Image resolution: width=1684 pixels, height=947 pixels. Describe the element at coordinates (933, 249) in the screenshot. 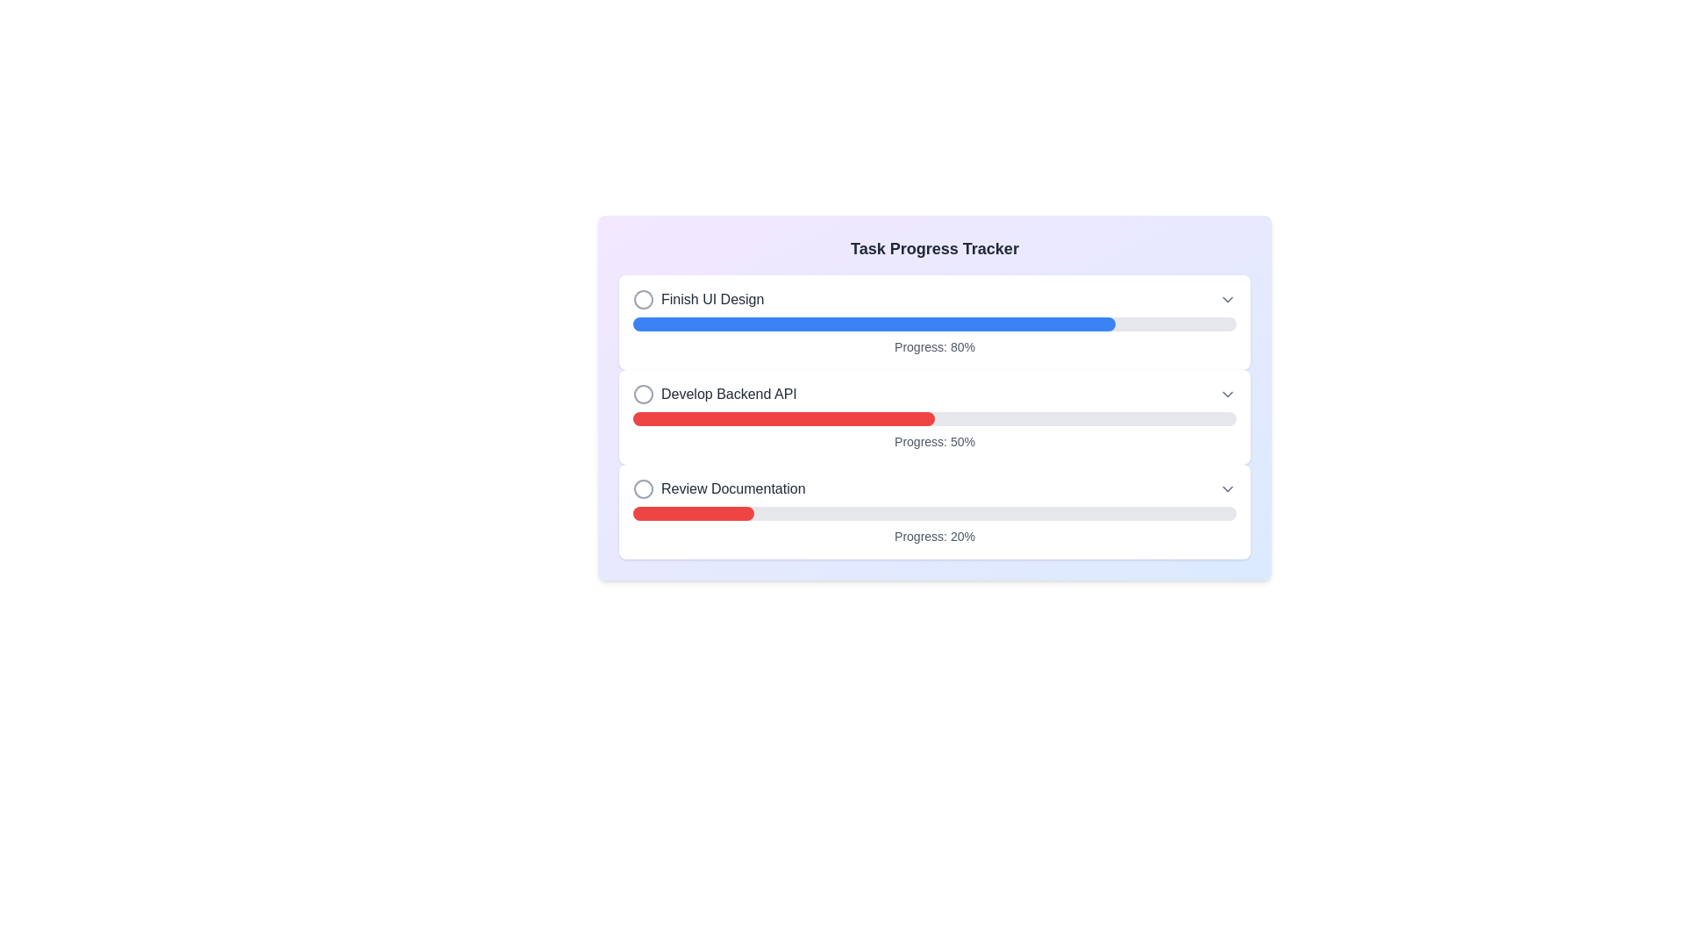

I see `the bold, large-sized text reading 'Task Progress Tracker' located at the top center of the decorative card` at that location.